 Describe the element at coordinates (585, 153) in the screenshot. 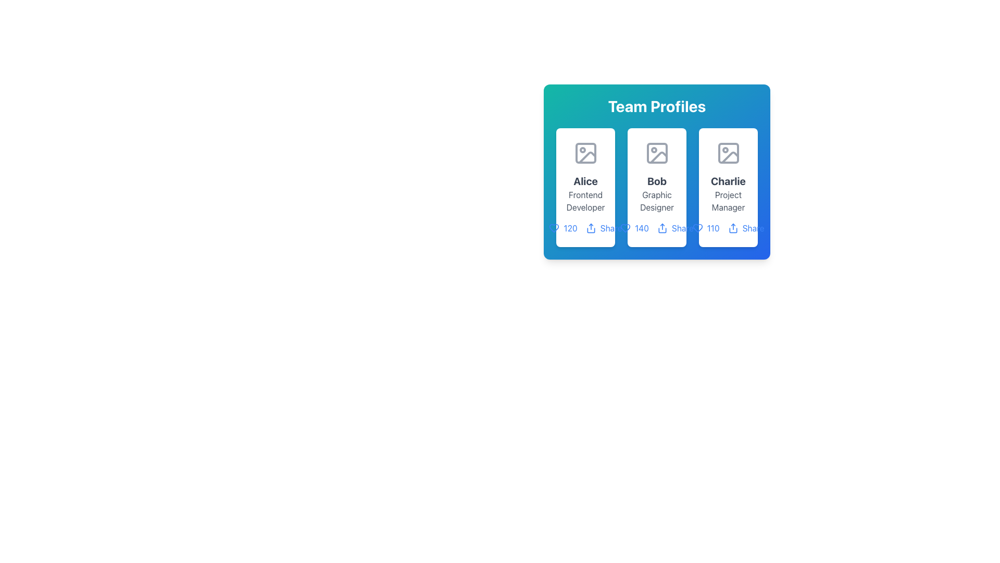

I see `the Decorative SVG rectangle located in the top-left part of the profile card labeled 'Alice'` at that location.